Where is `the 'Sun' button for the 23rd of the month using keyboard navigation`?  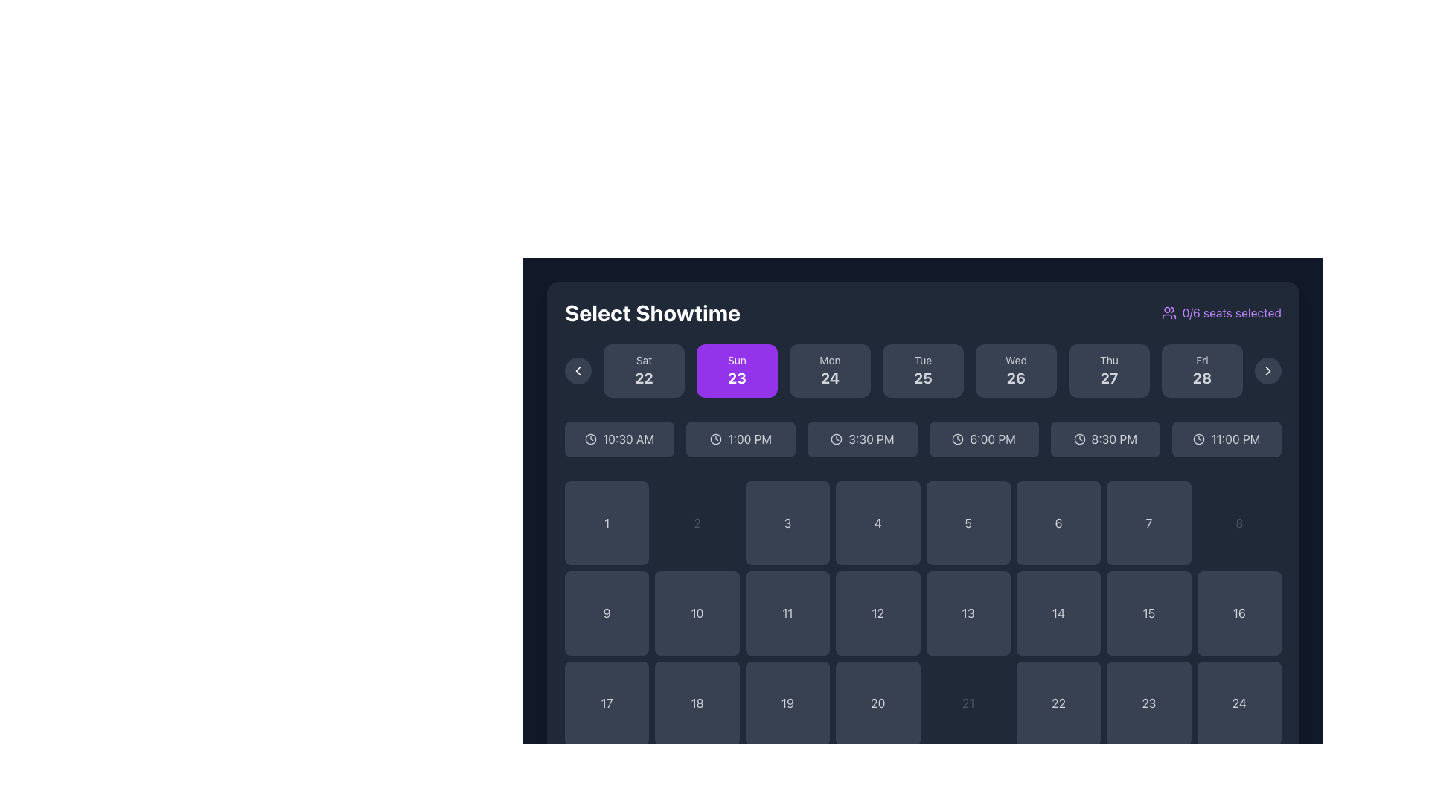 the 'Sun' button for the 23rd of the month using keyboard navigation is located at coordinates (737, 370).